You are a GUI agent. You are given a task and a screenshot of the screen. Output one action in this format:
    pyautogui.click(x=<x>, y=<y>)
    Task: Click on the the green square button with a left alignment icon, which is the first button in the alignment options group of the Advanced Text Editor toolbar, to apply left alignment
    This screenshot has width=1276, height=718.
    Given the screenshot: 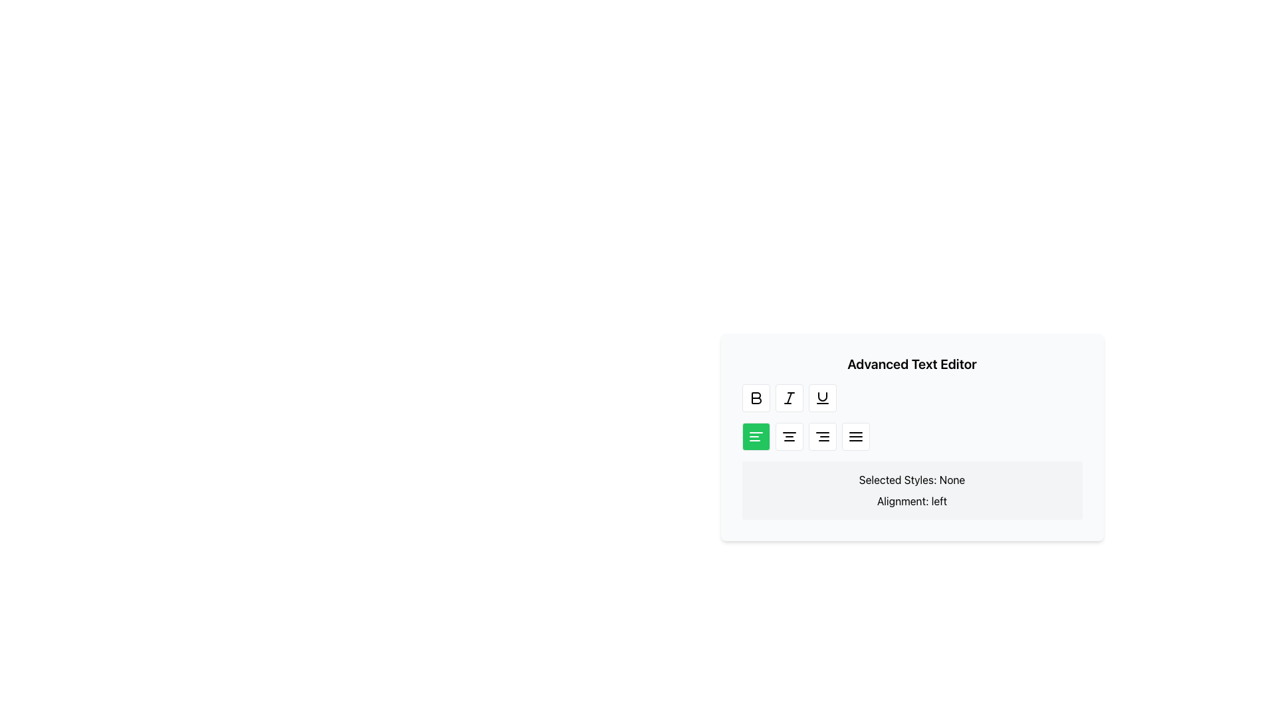 What is the action you would take?
    pyautogui.click(x=756, y=436)
    